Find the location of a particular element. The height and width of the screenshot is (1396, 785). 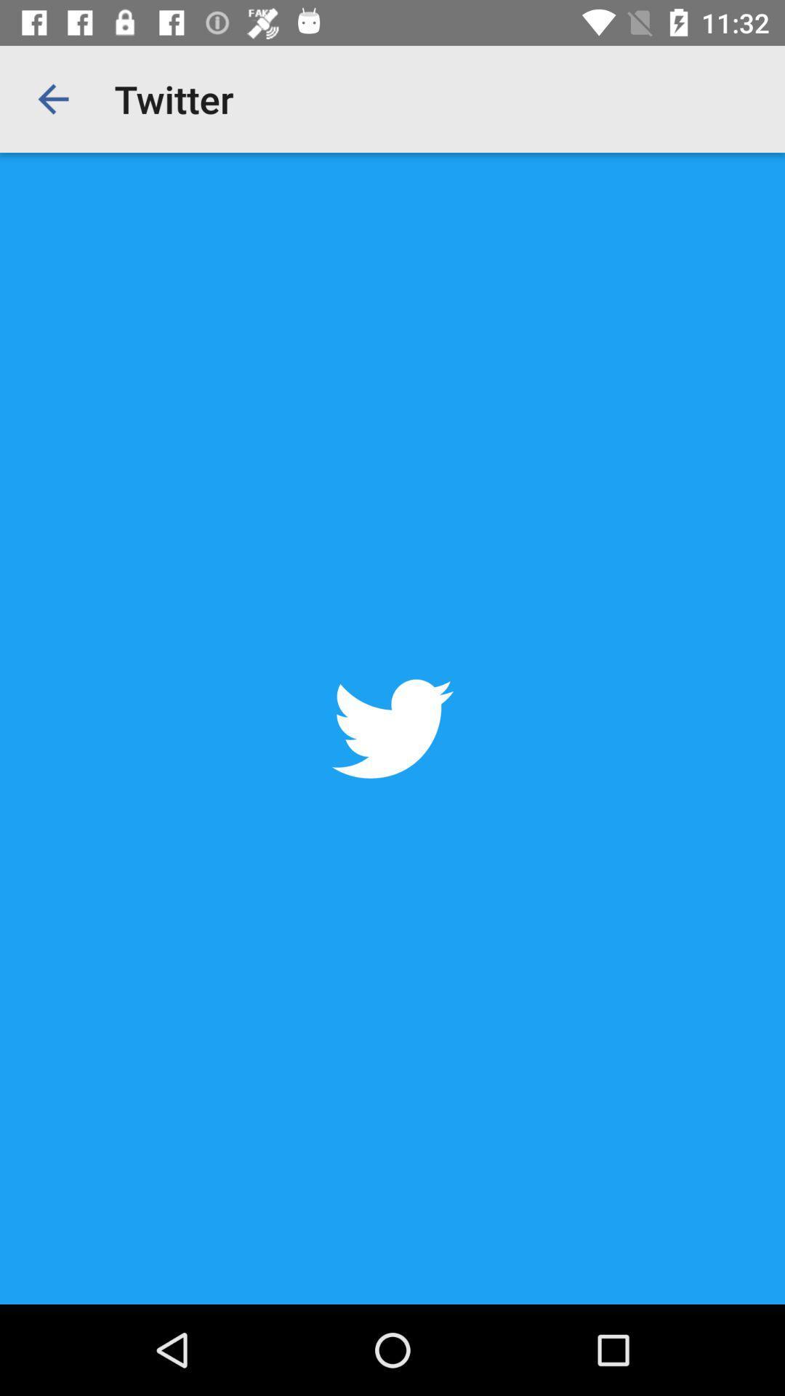

the app next to the twitter app is located at coordinates (52, 98).